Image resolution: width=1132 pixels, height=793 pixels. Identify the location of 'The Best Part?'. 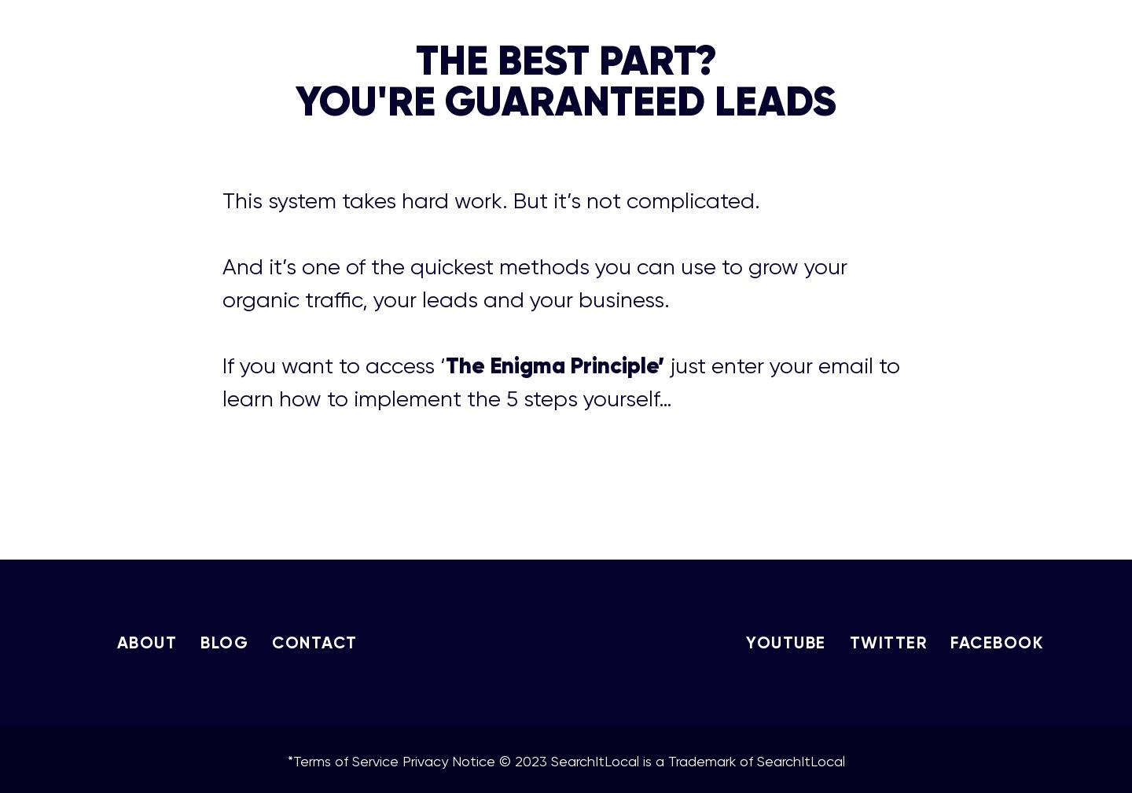
(565, 58).